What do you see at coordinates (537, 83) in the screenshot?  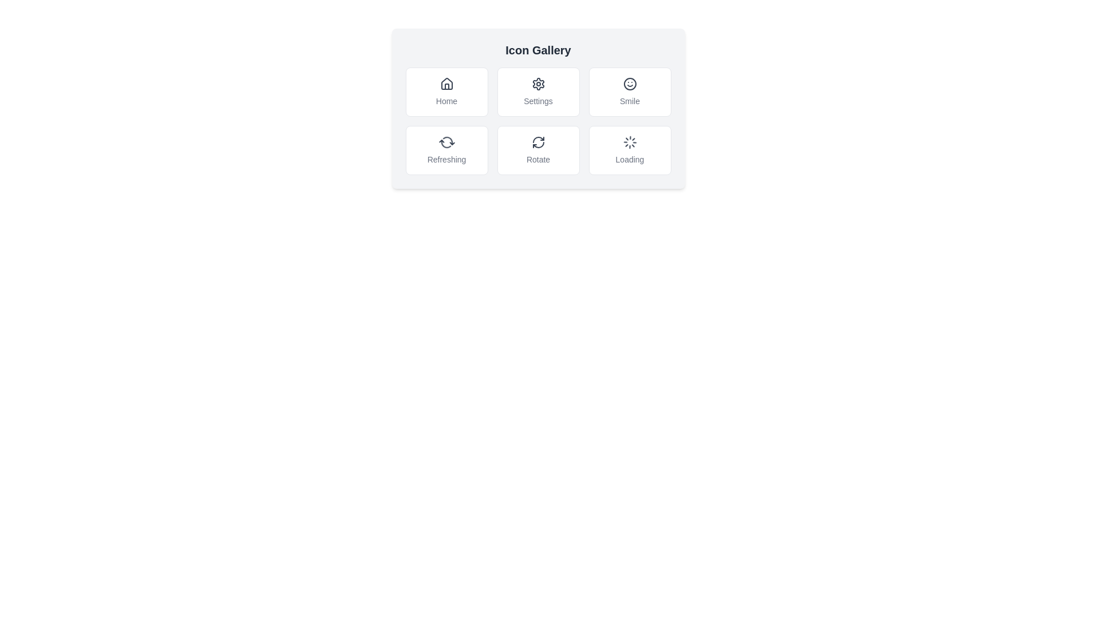 I see `the centered settings icon located beneath the 'Icon Gallery' heading, which visually represents a settings feature` at bounding box center [537, 83].